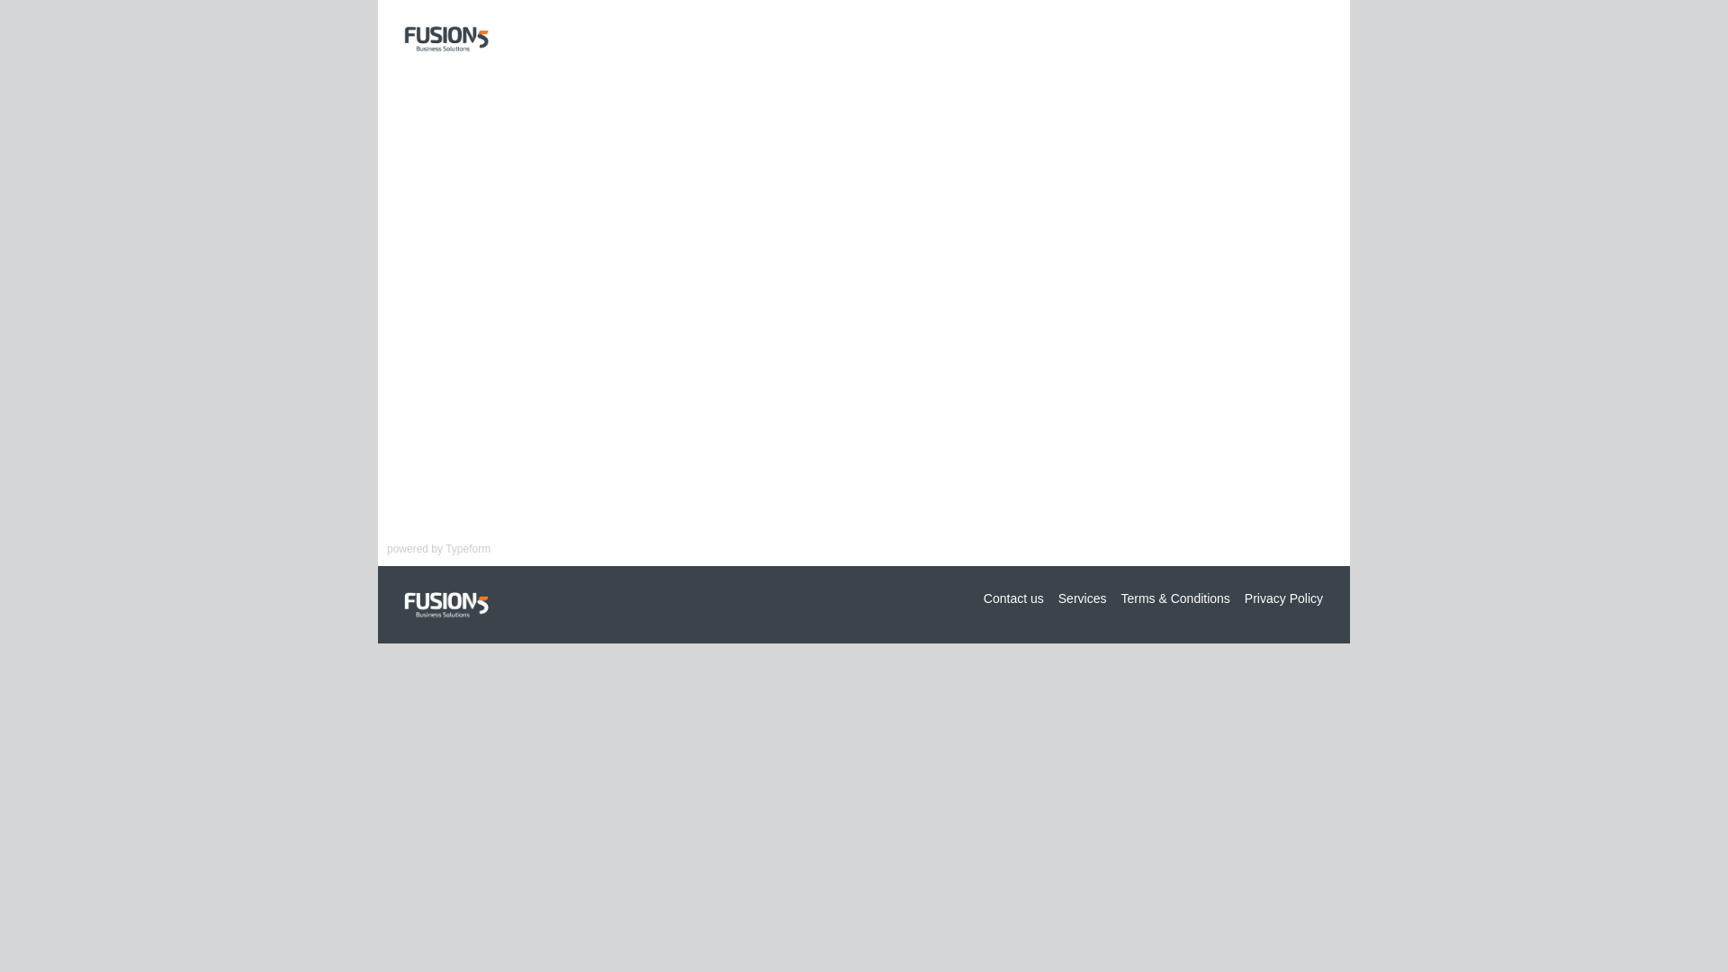 The width and height of the screenshot is (1728, 972). I want to click on 'Typeform', so click(467, 547).